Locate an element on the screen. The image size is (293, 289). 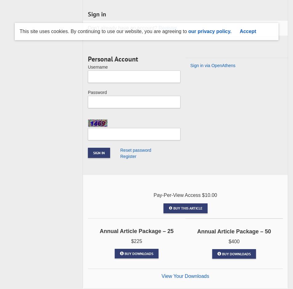
'$10.00' is located at coordinates (209, 195).